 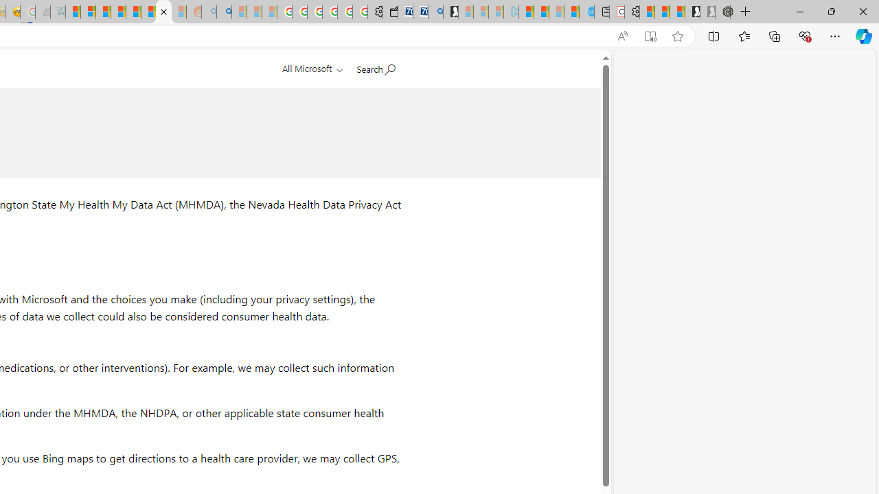 What do you see at coordinates (435, 12) in the screenshot?
I see `'Bing Real Estate - Home sales and rental listings'` at bounding box center [435, 12].